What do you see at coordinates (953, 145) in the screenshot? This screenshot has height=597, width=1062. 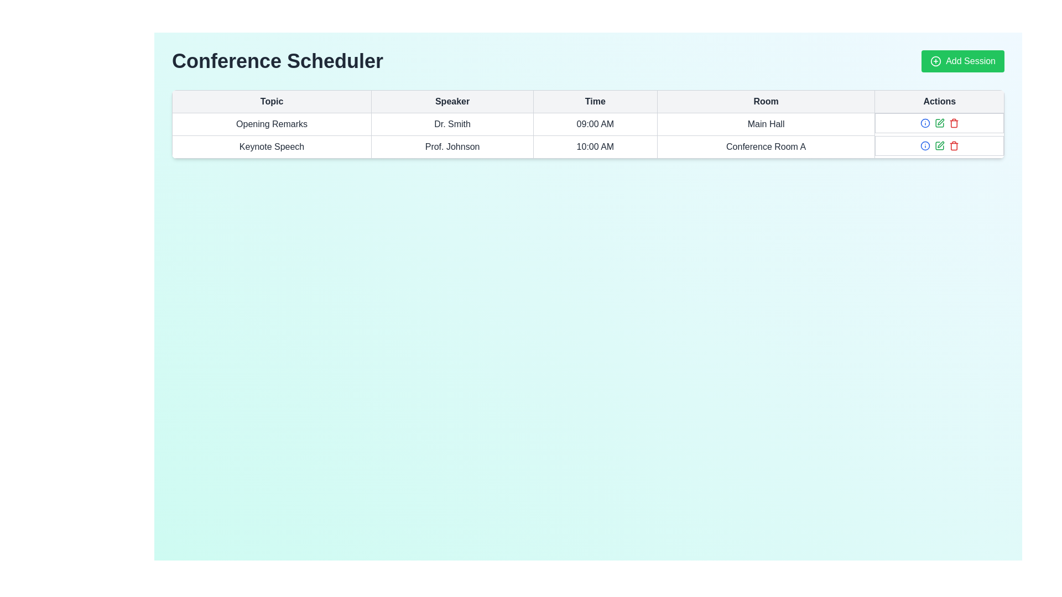 I see `the red trash bin icon in the 'Actions' column of the second row` at bounding box center [953, 145].